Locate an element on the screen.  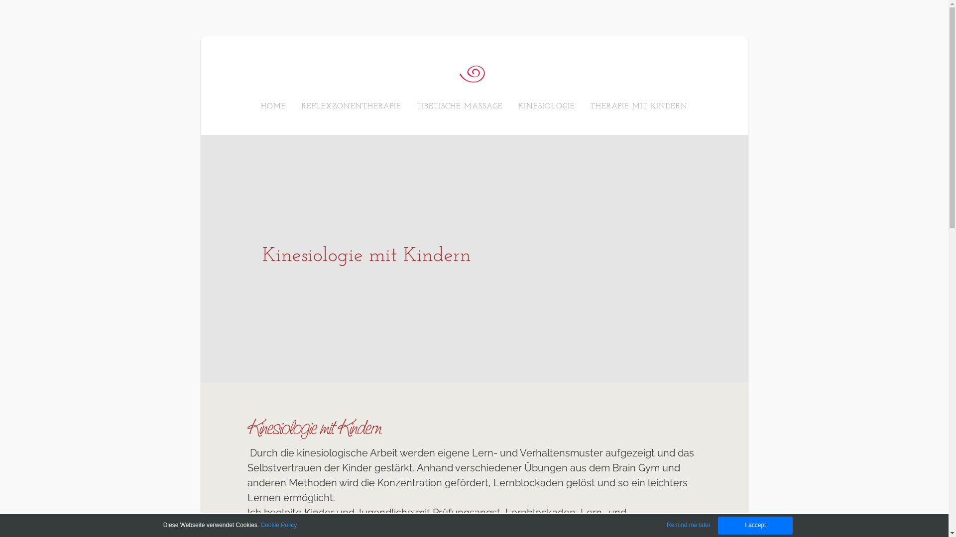
'Cookie Policy' is located at coordinates (279, 525).